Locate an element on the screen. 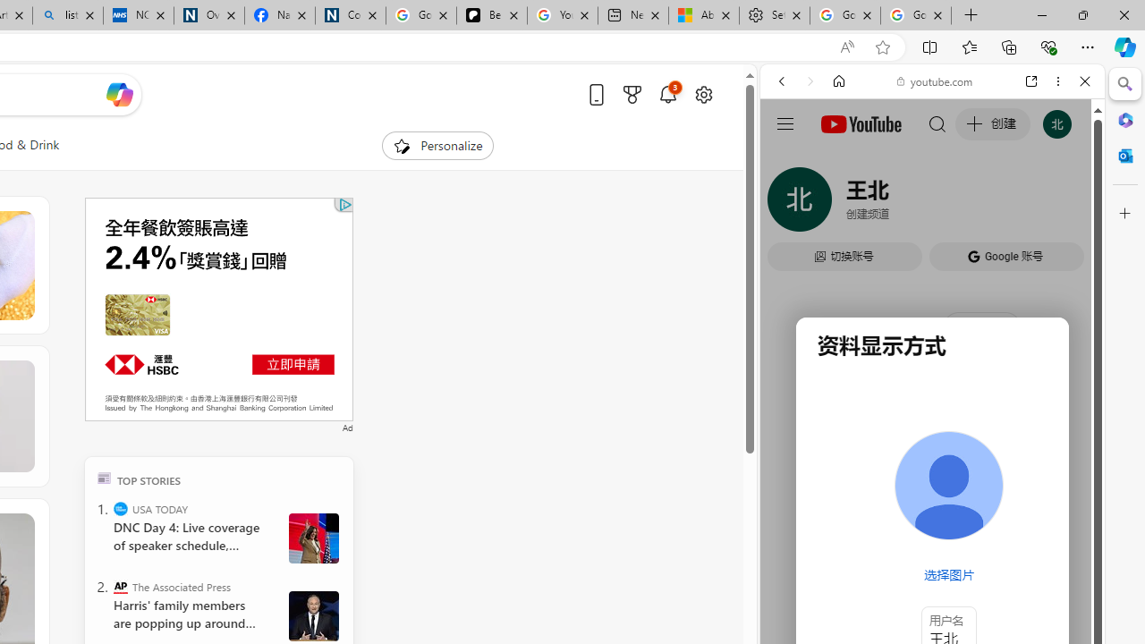 This screenshot has width=1145, height=644. '#you' is located at coordinates (931, 398).